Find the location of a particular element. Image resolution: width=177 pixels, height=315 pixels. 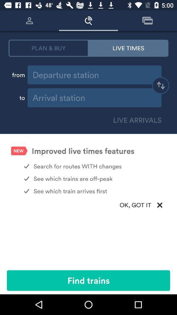

the find trains is located at coordinates (88, 280).